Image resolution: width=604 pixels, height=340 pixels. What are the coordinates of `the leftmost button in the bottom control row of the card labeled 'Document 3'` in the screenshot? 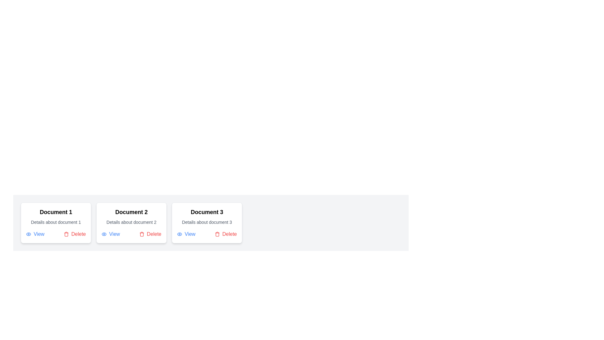 It's located at (186, 234).